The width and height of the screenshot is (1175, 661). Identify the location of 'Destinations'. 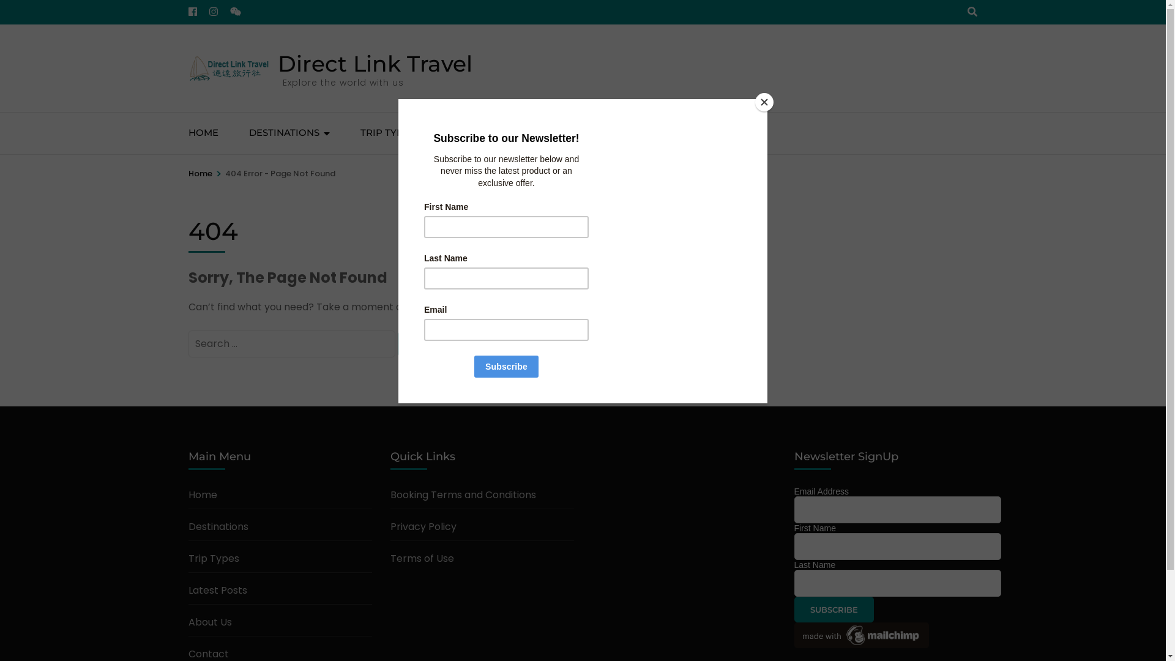
(218, 526).